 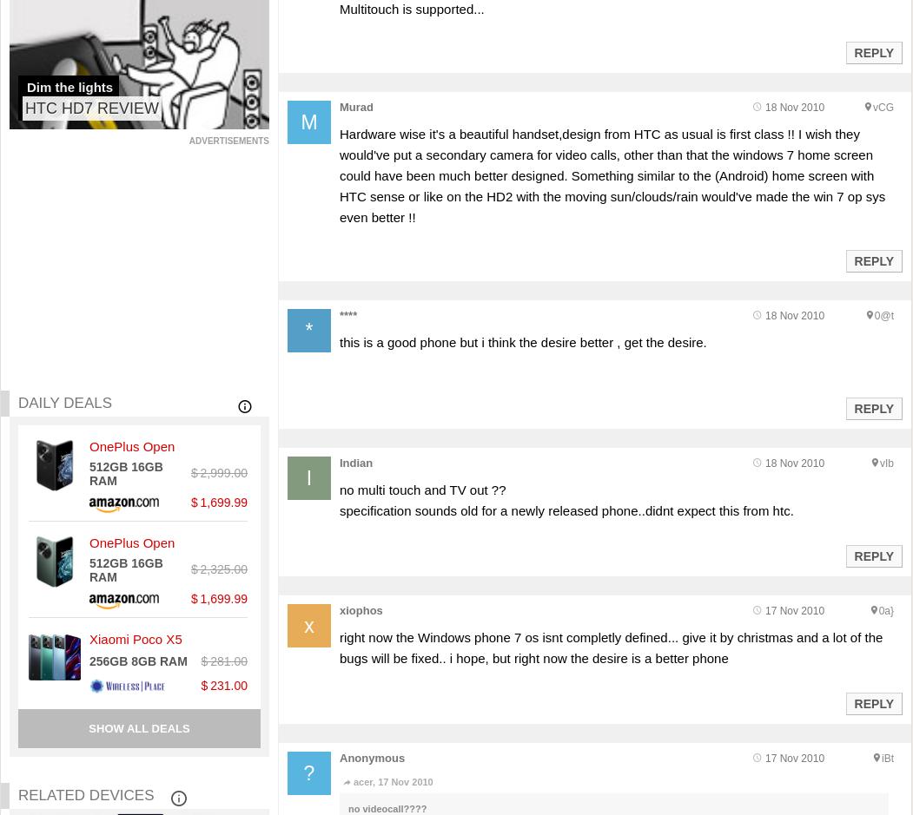 I want to click on 'right now the Windows phone 7 os isnt completly defined... give it by christmas and a lot of the bugs will be fixed.. i hope, but right now the desire is a better phone', so click(x=610, y=647).